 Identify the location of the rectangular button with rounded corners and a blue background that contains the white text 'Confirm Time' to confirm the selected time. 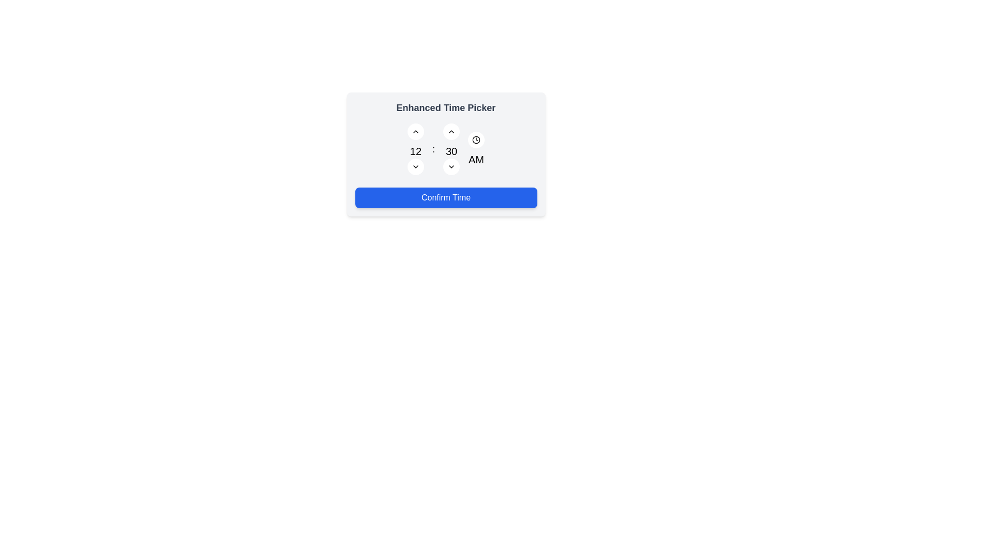
(446, 197).